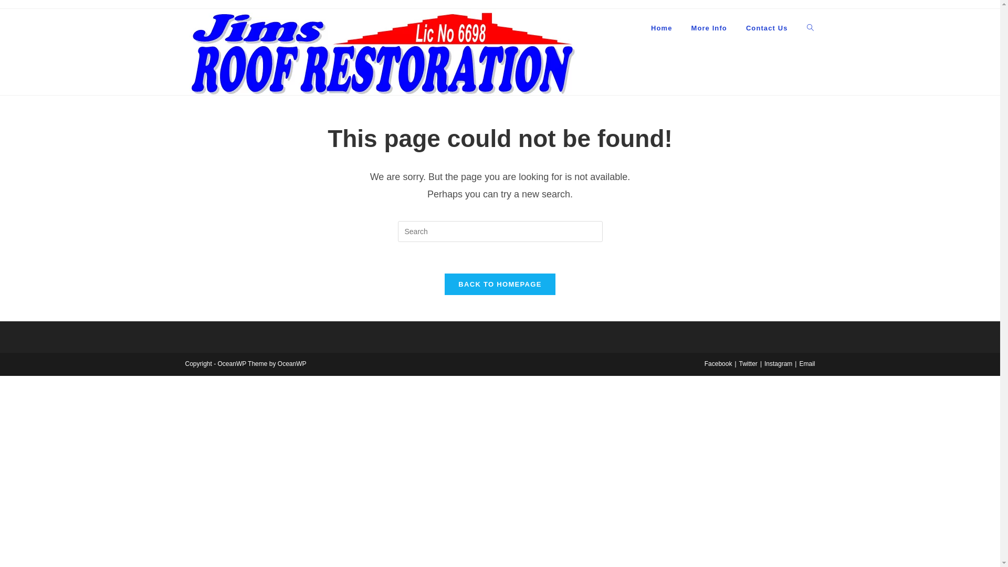 Image resolution: width=1008 pixels, height=567 pixels. What do you see at coordinates (778, 363) in the screenshot?
I see `'Instagram'` at bounding box center [778, 363].